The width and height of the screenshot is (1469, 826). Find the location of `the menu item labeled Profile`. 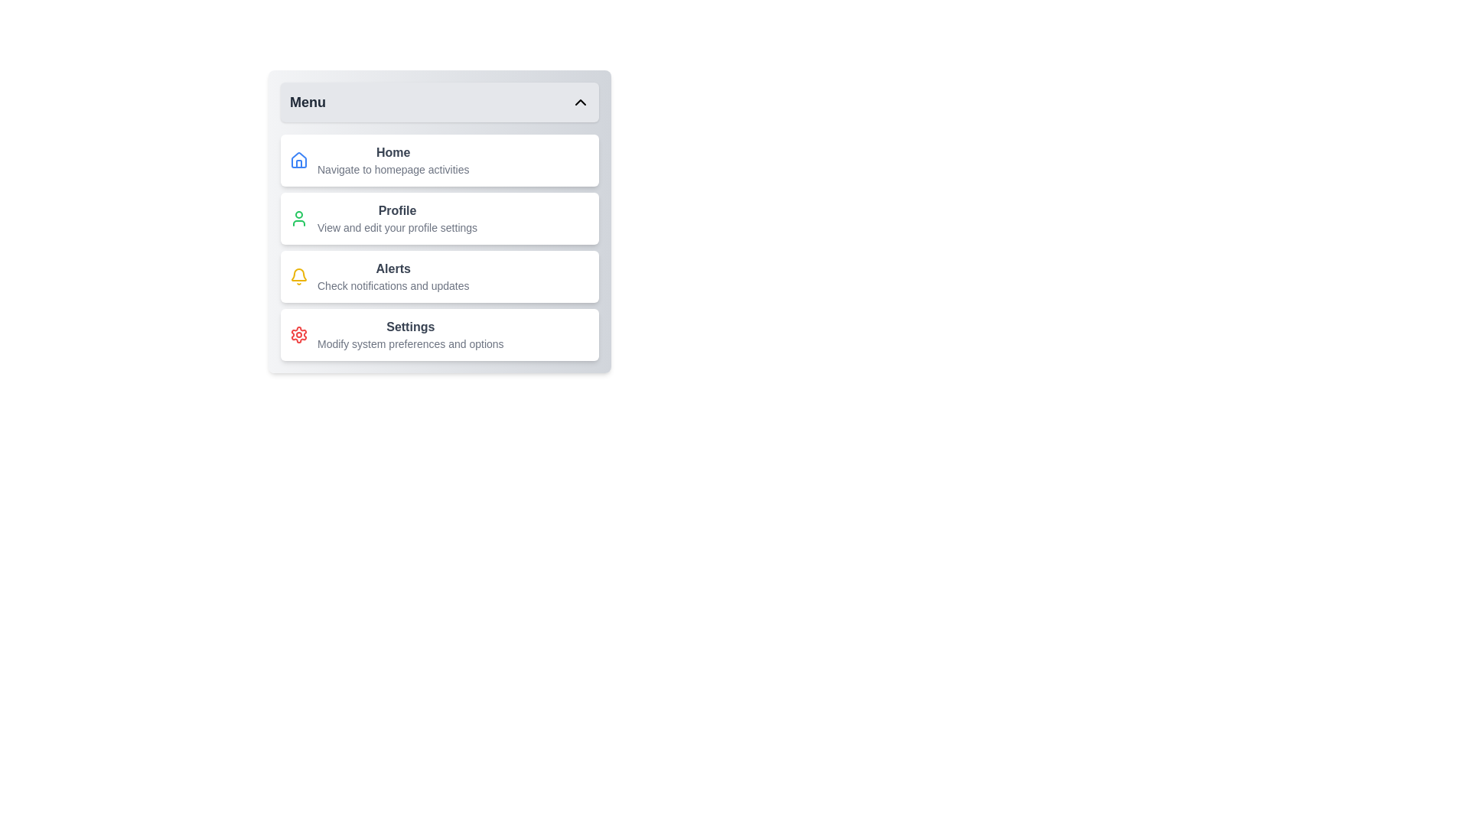

the menu item labeled Profile is located at coordinates (439, 218).